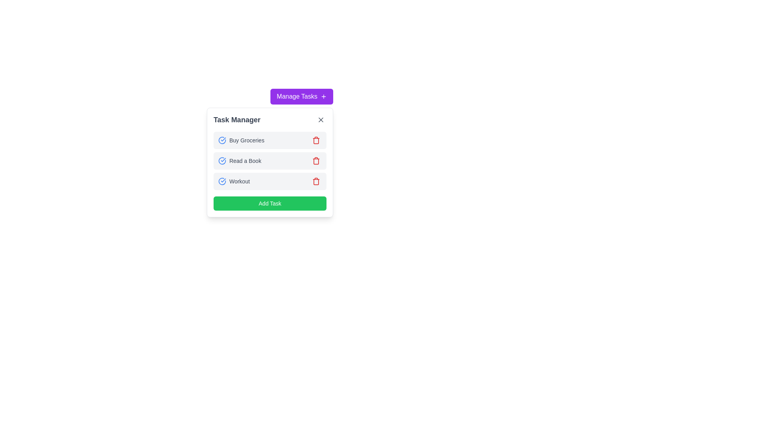 The width and height of the screenshot is (758, 426). I want to click on the delete button located on the right side of the 'Buy Groceries' task in the Task Manager, so click(316, 140).